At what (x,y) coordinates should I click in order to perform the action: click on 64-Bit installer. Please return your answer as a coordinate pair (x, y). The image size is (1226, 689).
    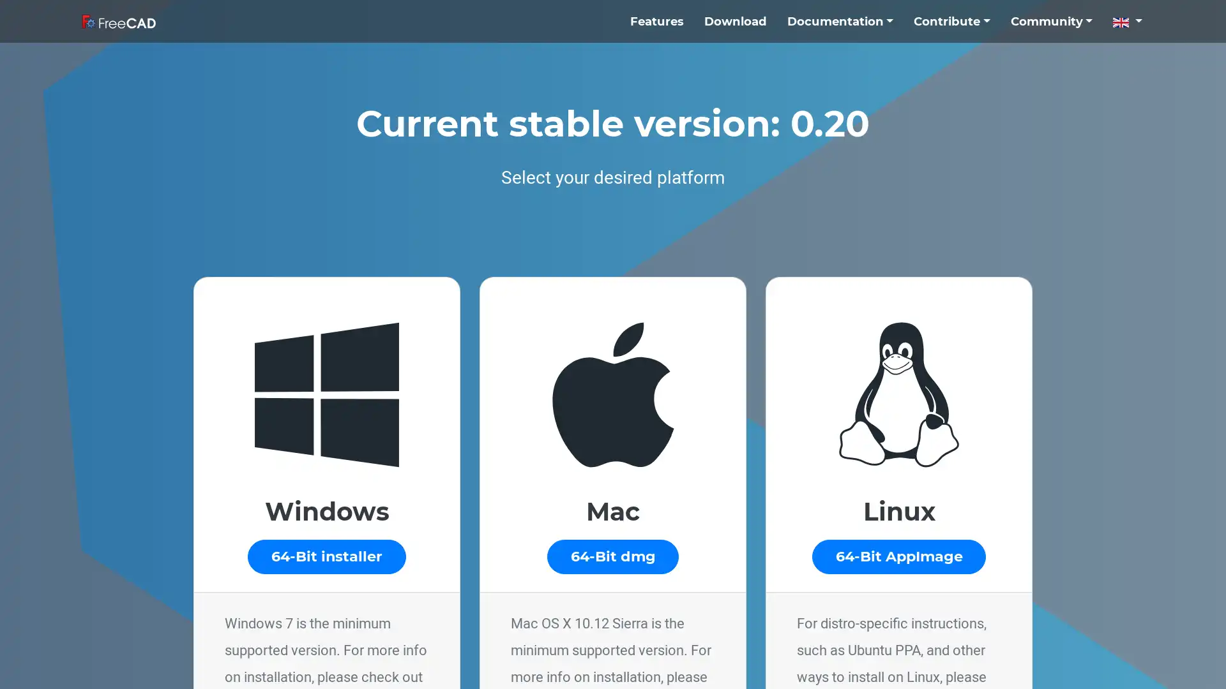
    Looking at the image, I should click on (326, 556).